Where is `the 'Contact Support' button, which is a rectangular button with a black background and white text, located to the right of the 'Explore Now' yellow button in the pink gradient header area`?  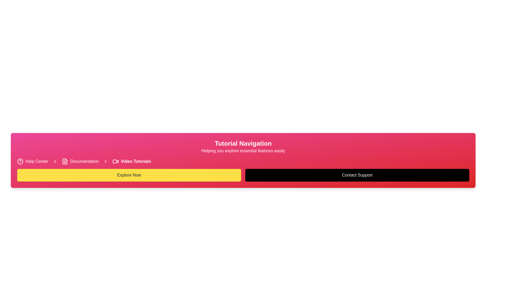 the 'Contact Support' button, which is a rectangular button with a black background and white text, located to the right of the 'Explore Now' yellow button in the pink gradient header area is located at coordinates (357, 175).